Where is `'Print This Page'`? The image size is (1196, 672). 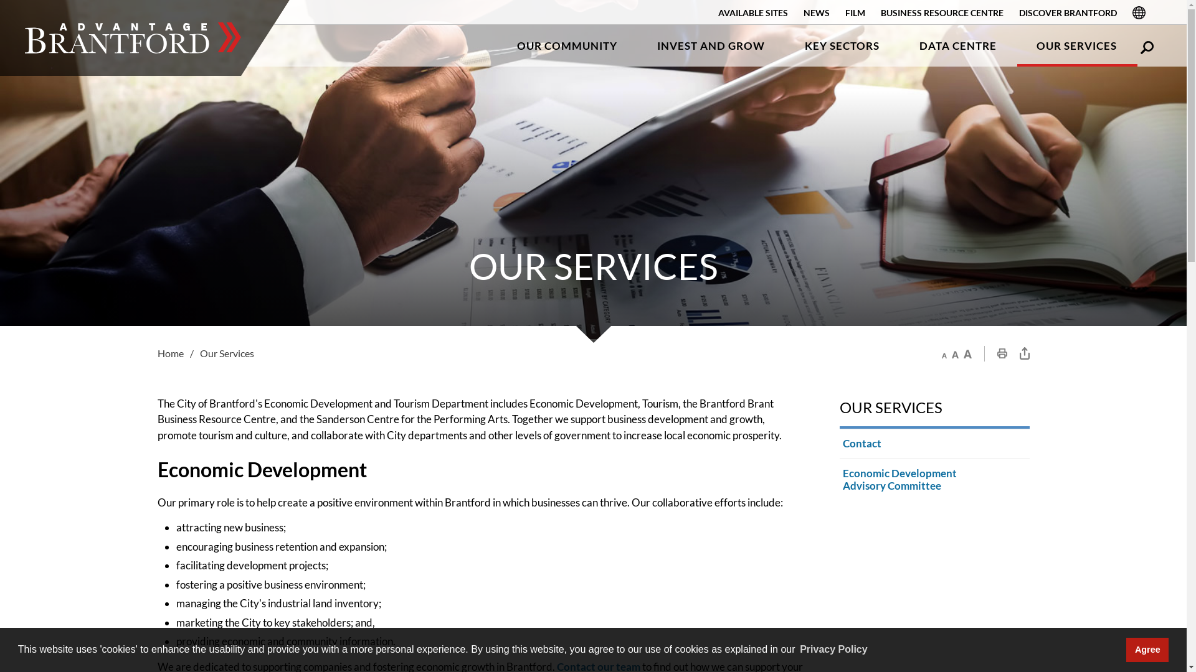 'Print This Page' is located at coordinates (1002, 353).